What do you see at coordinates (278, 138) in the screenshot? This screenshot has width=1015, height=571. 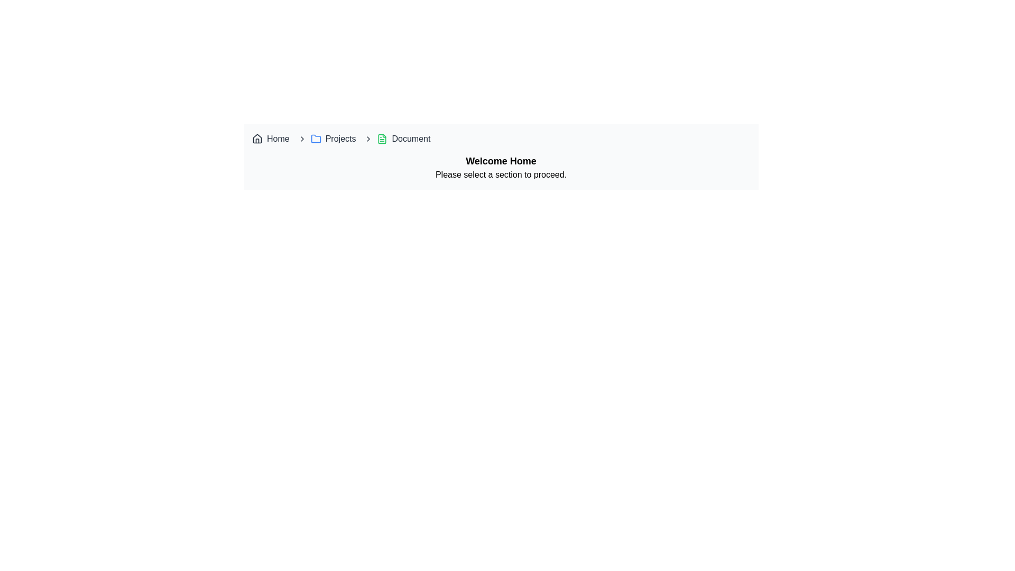 I see `the 'Home' breadcrumb label, which is the first item in the breadcrumb navigation bar, located between the house icon and the right arrow icon` at bounding box center [278, 138].